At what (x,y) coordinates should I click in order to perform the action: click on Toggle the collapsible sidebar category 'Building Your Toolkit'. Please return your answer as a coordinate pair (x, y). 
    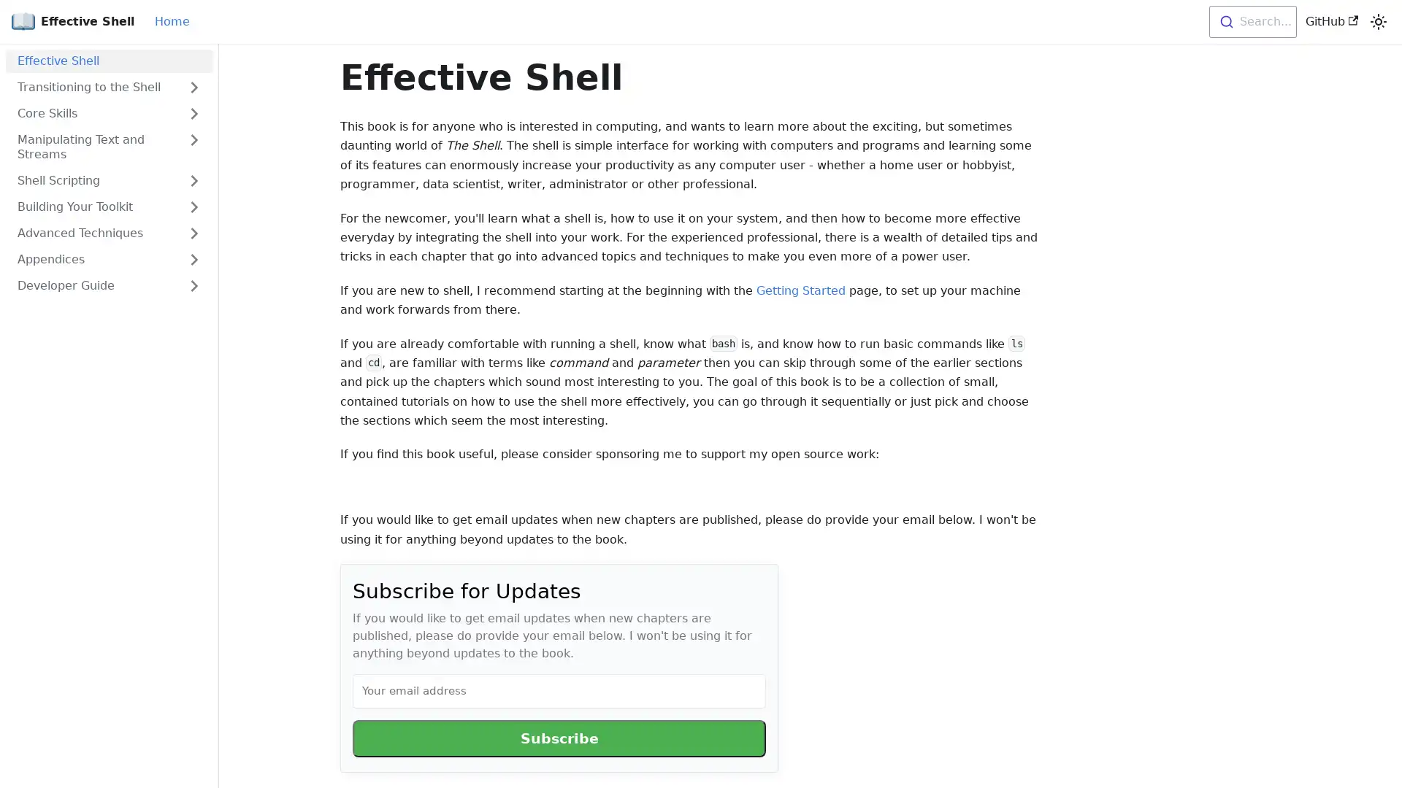
    Looking at the image, I should click on (193, 207).